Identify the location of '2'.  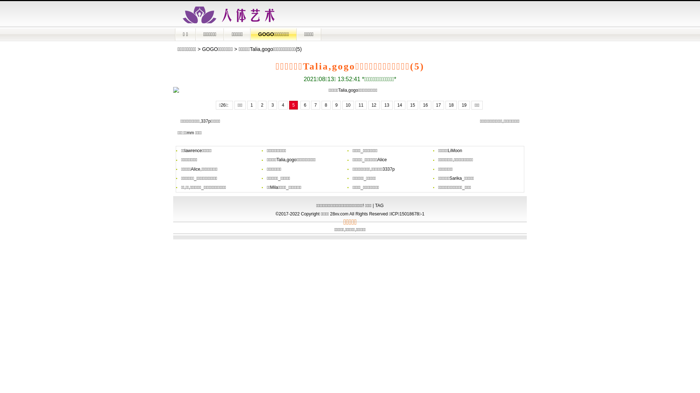
(257, 105).